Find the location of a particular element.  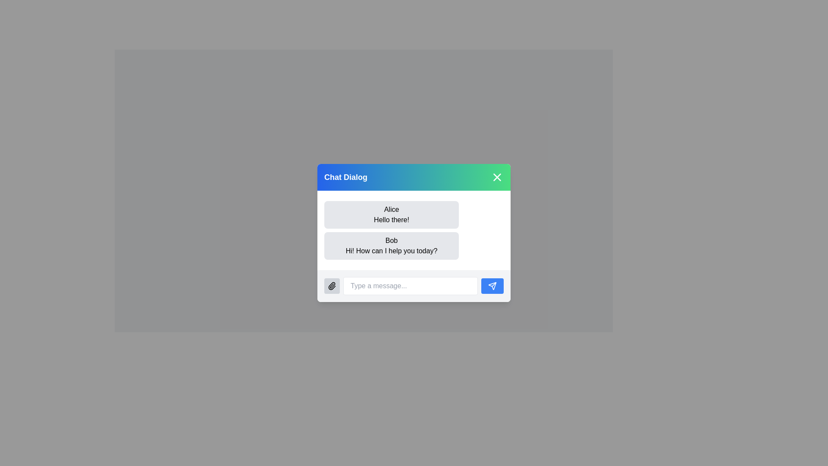

the chat message sent by 'Alice', which is displayed in a text label located in the chat dialog box is located at coordinates (391, 219).